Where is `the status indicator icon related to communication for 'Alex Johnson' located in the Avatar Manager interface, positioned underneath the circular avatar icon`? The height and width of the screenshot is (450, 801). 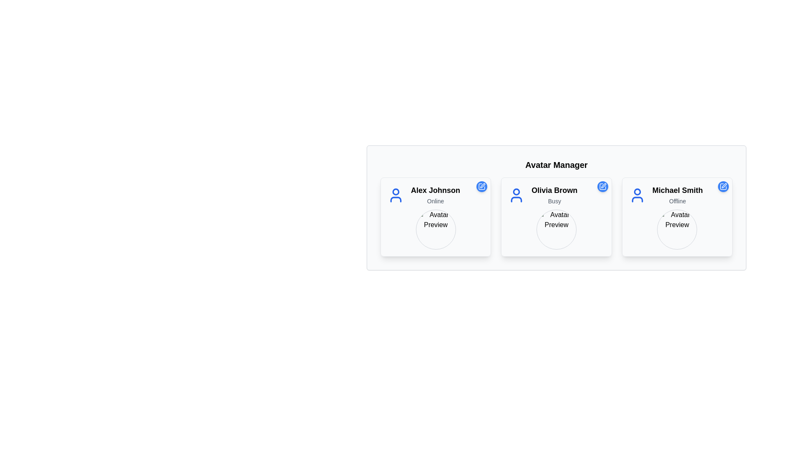
the status indicator icon related to communication for 'Alex Johnson' located in the Avatar Manager interface, positioned underneath the circular avatar icon is located at coordinates (395, 199).